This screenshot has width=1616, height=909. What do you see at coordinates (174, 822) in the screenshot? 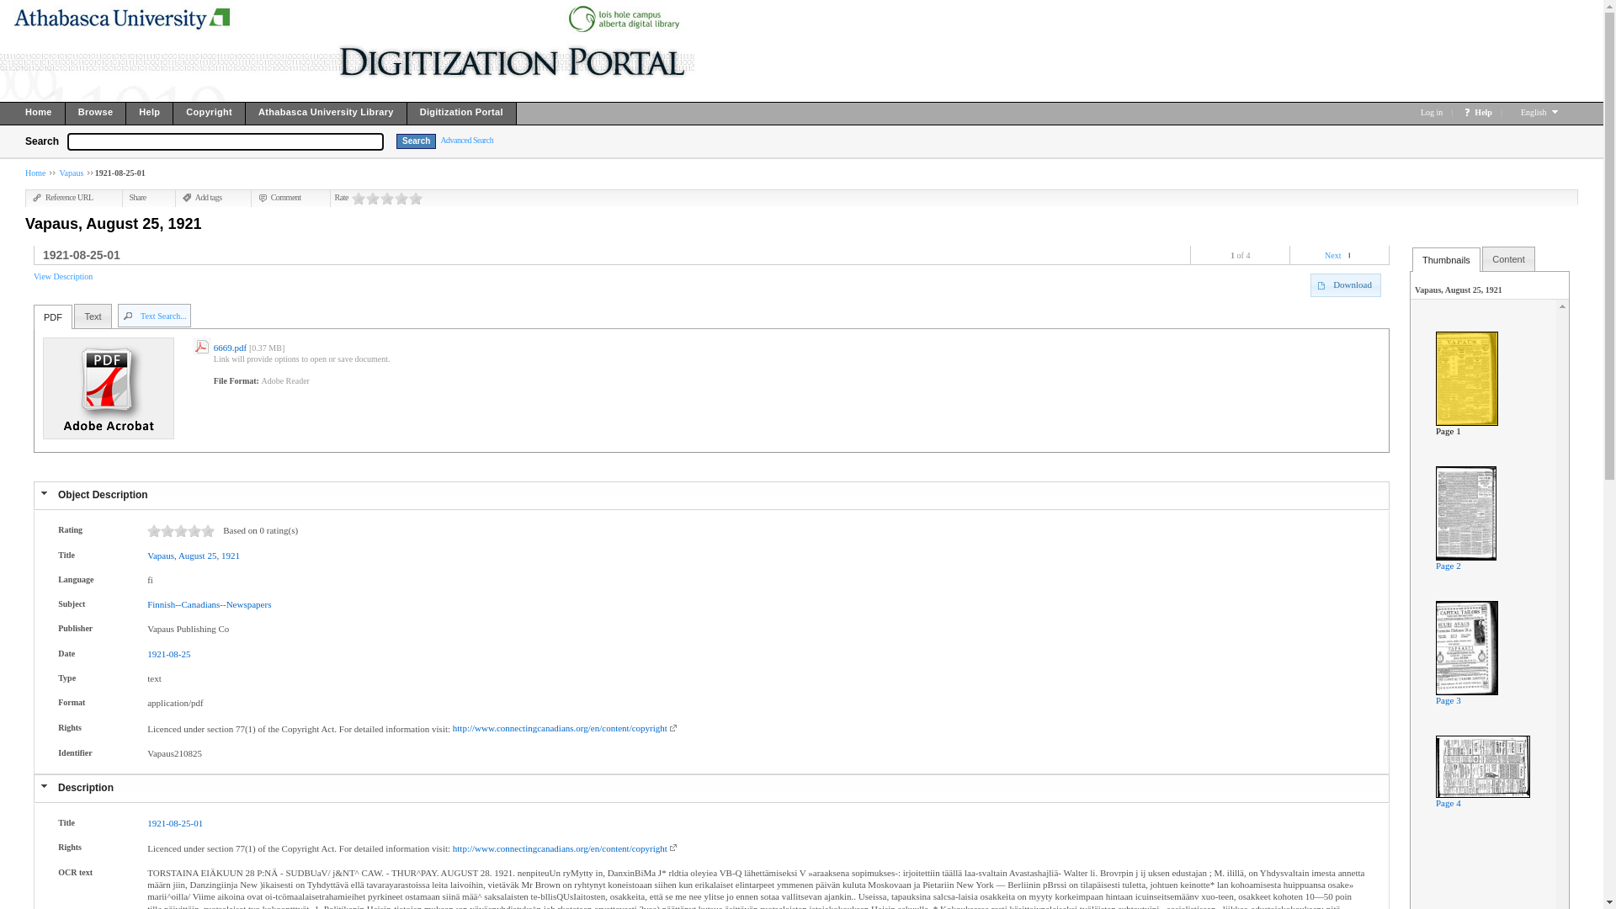
I see `'1921-08-25-01'` at bounding box center [174, 822].